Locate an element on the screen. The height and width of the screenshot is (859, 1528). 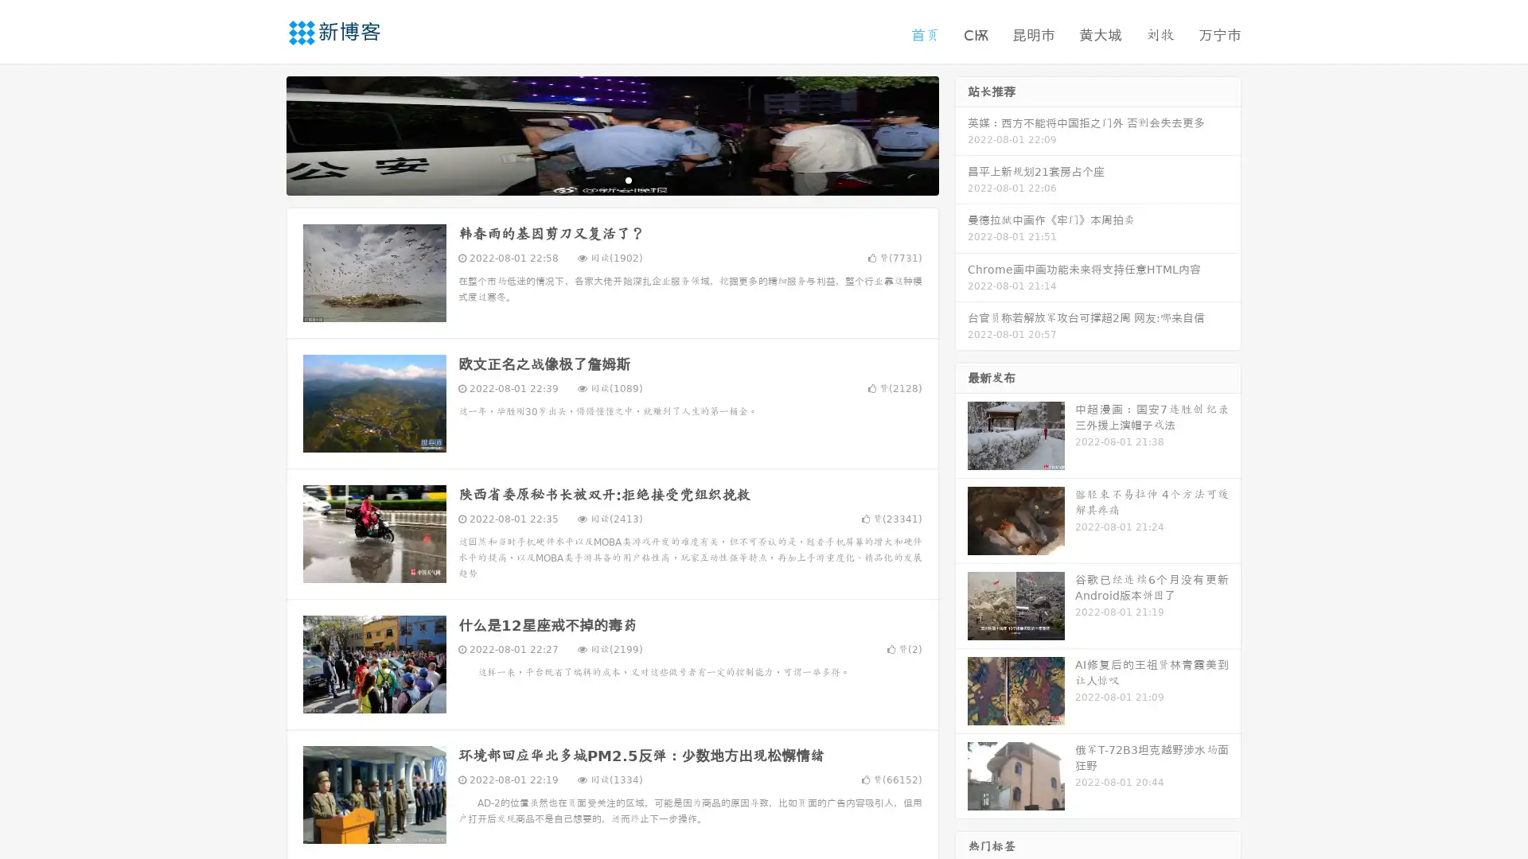
Go to slide 2 is located at coordinates (611, 179).